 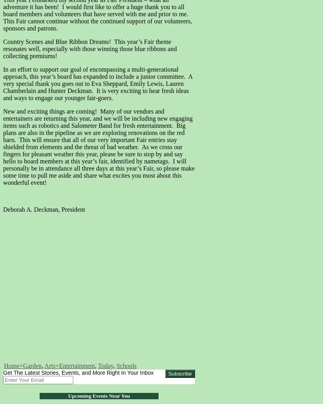 I want to click on 'Get The Latest Stories, Events, and More Right In Your Inbox', so click(x=2, y=372).